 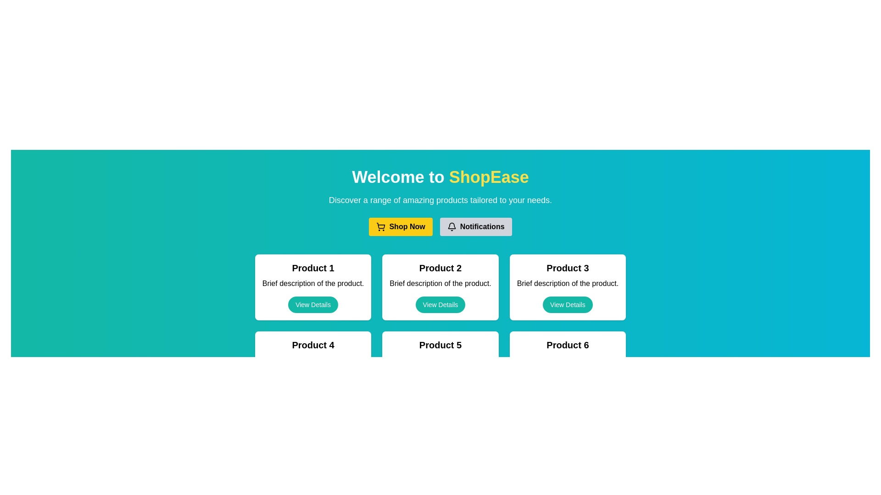 What do you see at coordinates (440, 268) in the screenshot?
I see `the text label that serves as the title for the second product card in the first row of the grid layout` at bounding box center [440, 268].